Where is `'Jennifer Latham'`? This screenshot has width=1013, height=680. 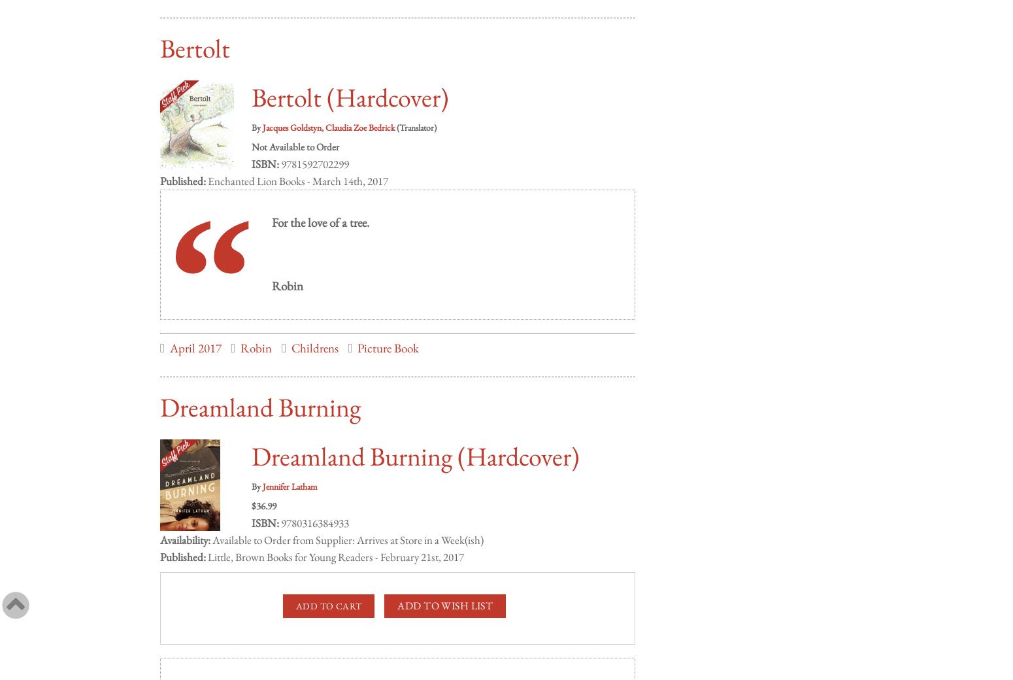 'Jennifer Latham' is located at coordinates (290, 473).